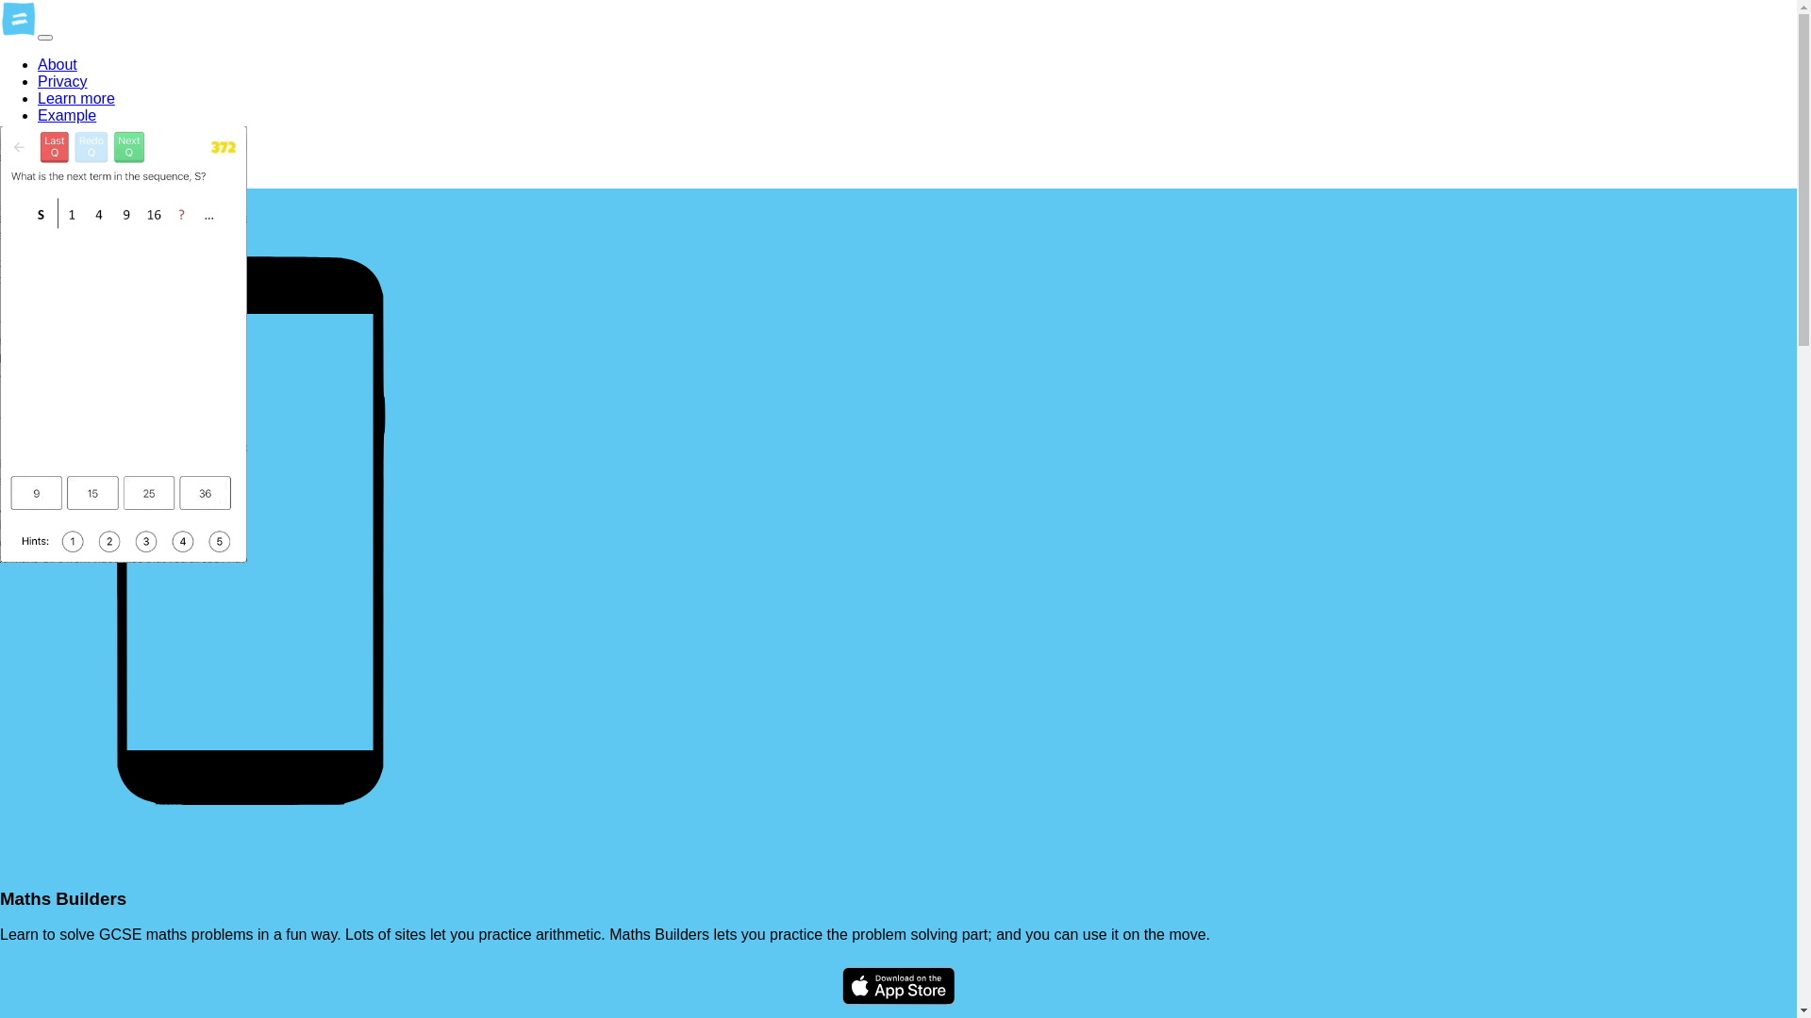 This screenshot has height=1018, width=1811. What do you see at coordinates (69, 131) in the screenshot?
I see `'Show me'` at bounding box center [69, 131].